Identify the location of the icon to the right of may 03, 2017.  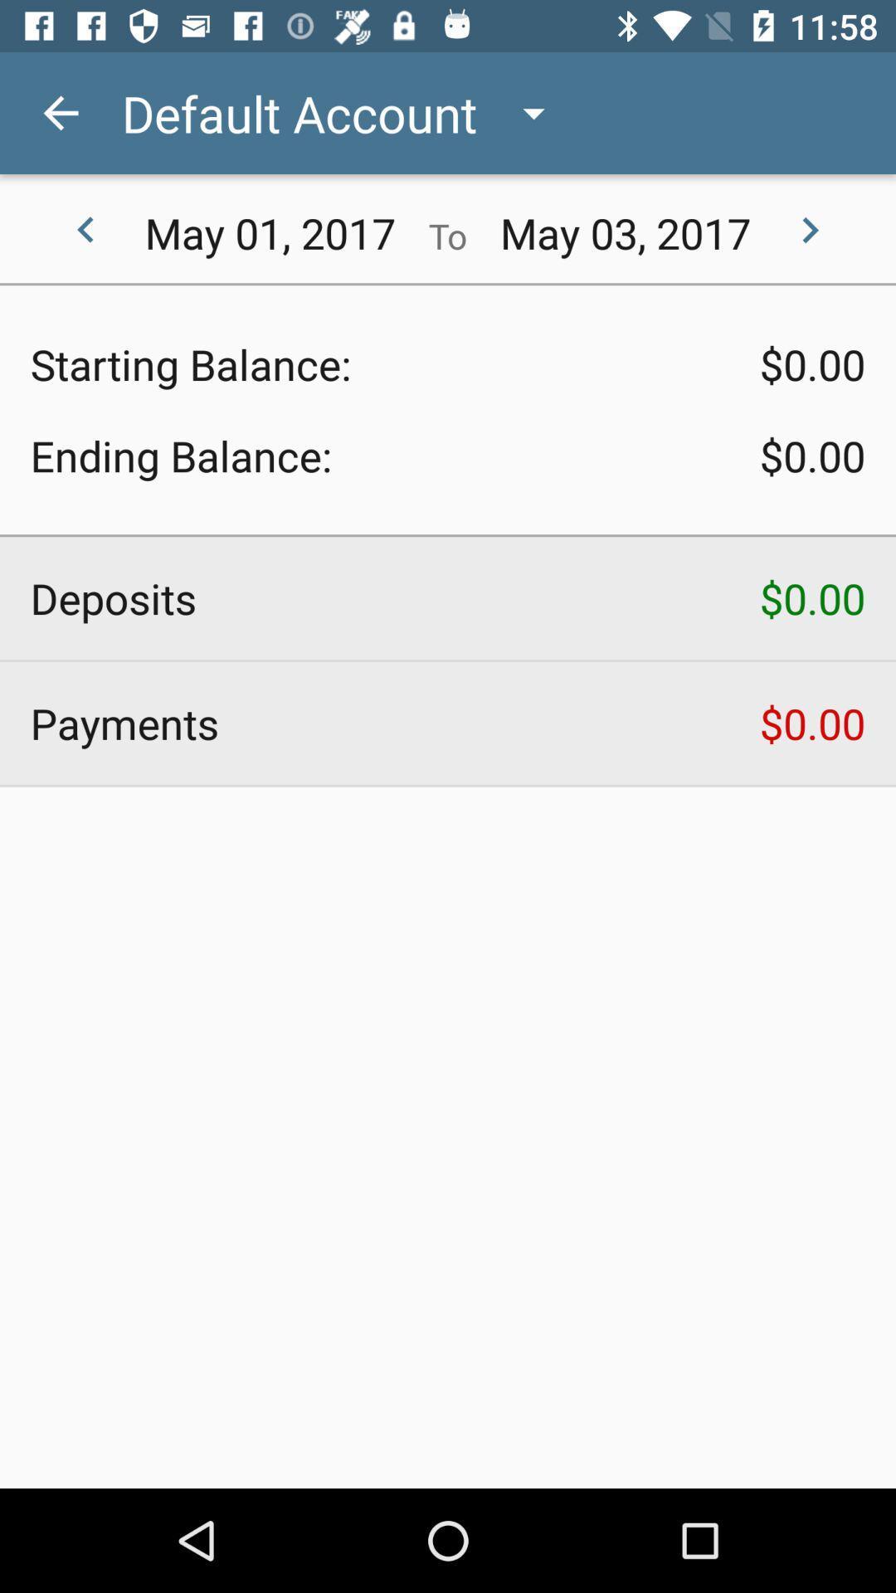
(809, 230).